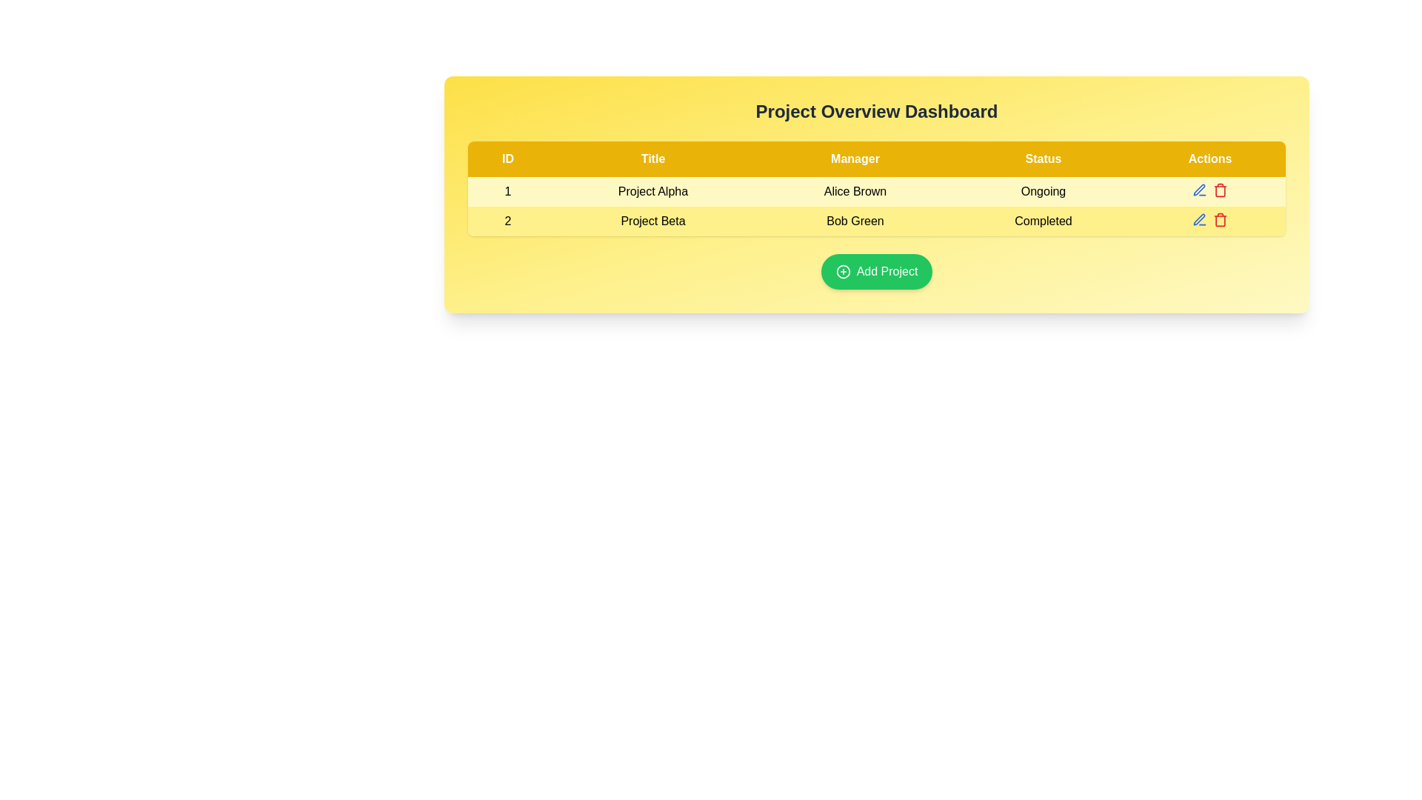 The height and width of the screenshot is (800, 1422). Describe the element at coordinates (877, 190) in the screenshot. I see `the first row of the table representing 'Project Alpha', which includes details like its manager and status` at that location.